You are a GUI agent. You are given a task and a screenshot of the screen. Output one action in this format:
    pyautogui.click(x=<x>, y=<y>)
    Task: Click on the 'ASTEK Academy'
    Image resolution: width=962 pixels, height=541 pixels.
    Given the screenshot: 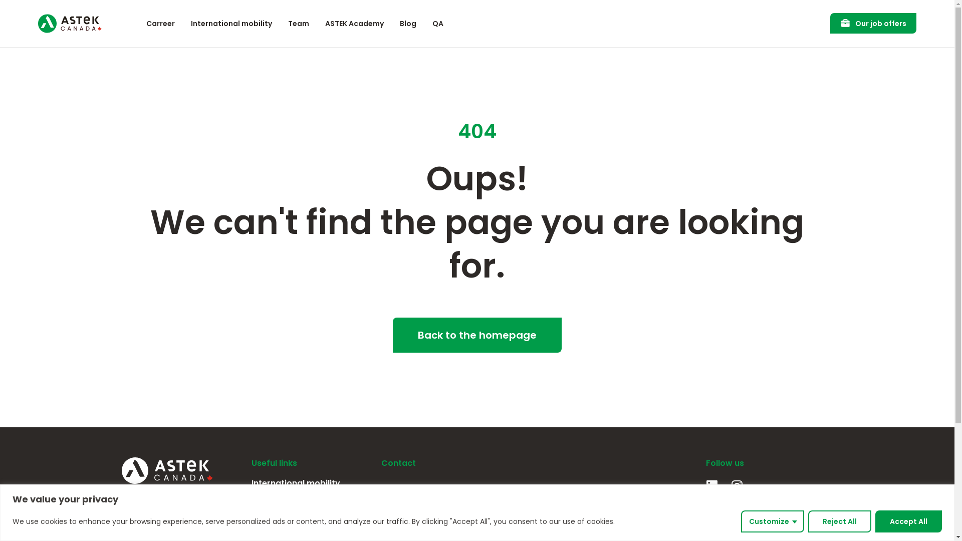 What is the action you would take?
    pyautogui.click(x=311, y=519)
    